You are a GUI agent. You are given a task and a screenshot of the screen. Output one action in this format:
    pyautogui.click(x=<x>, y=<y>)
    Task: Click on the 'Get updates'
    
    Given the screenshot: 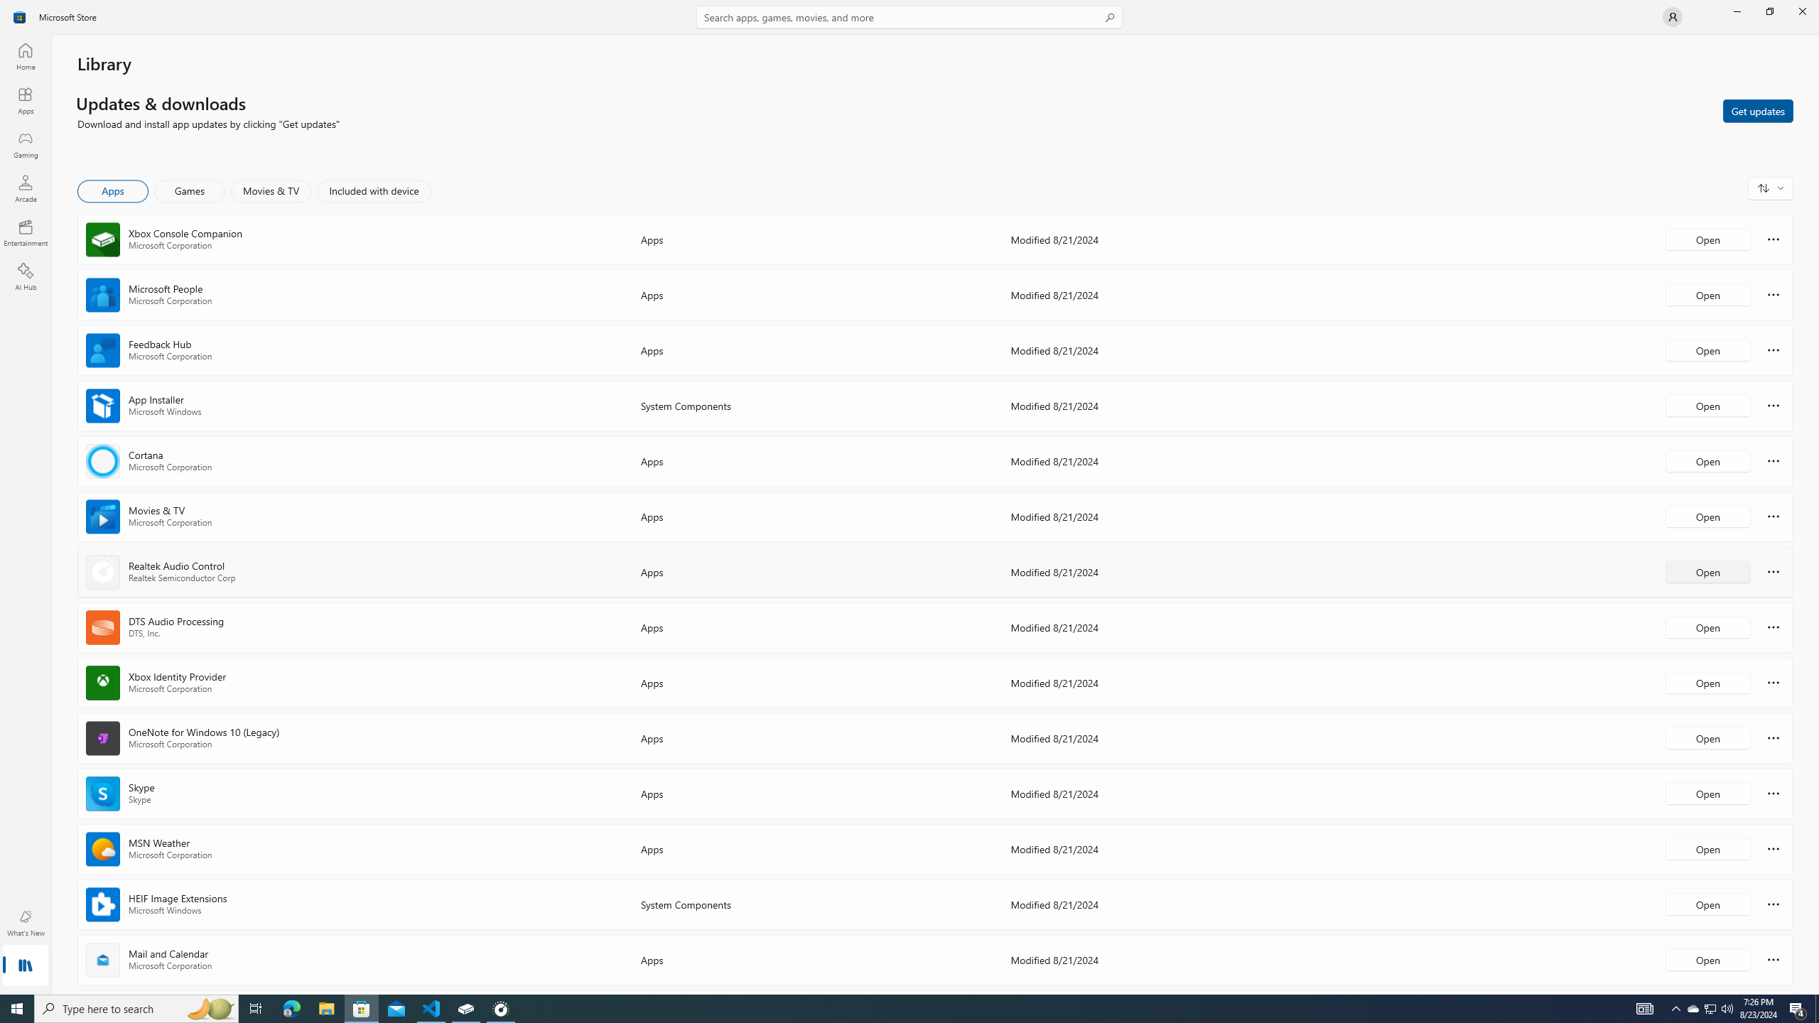 What is the action you would take?
    pyautogui.click(x=1758, y=109)
    